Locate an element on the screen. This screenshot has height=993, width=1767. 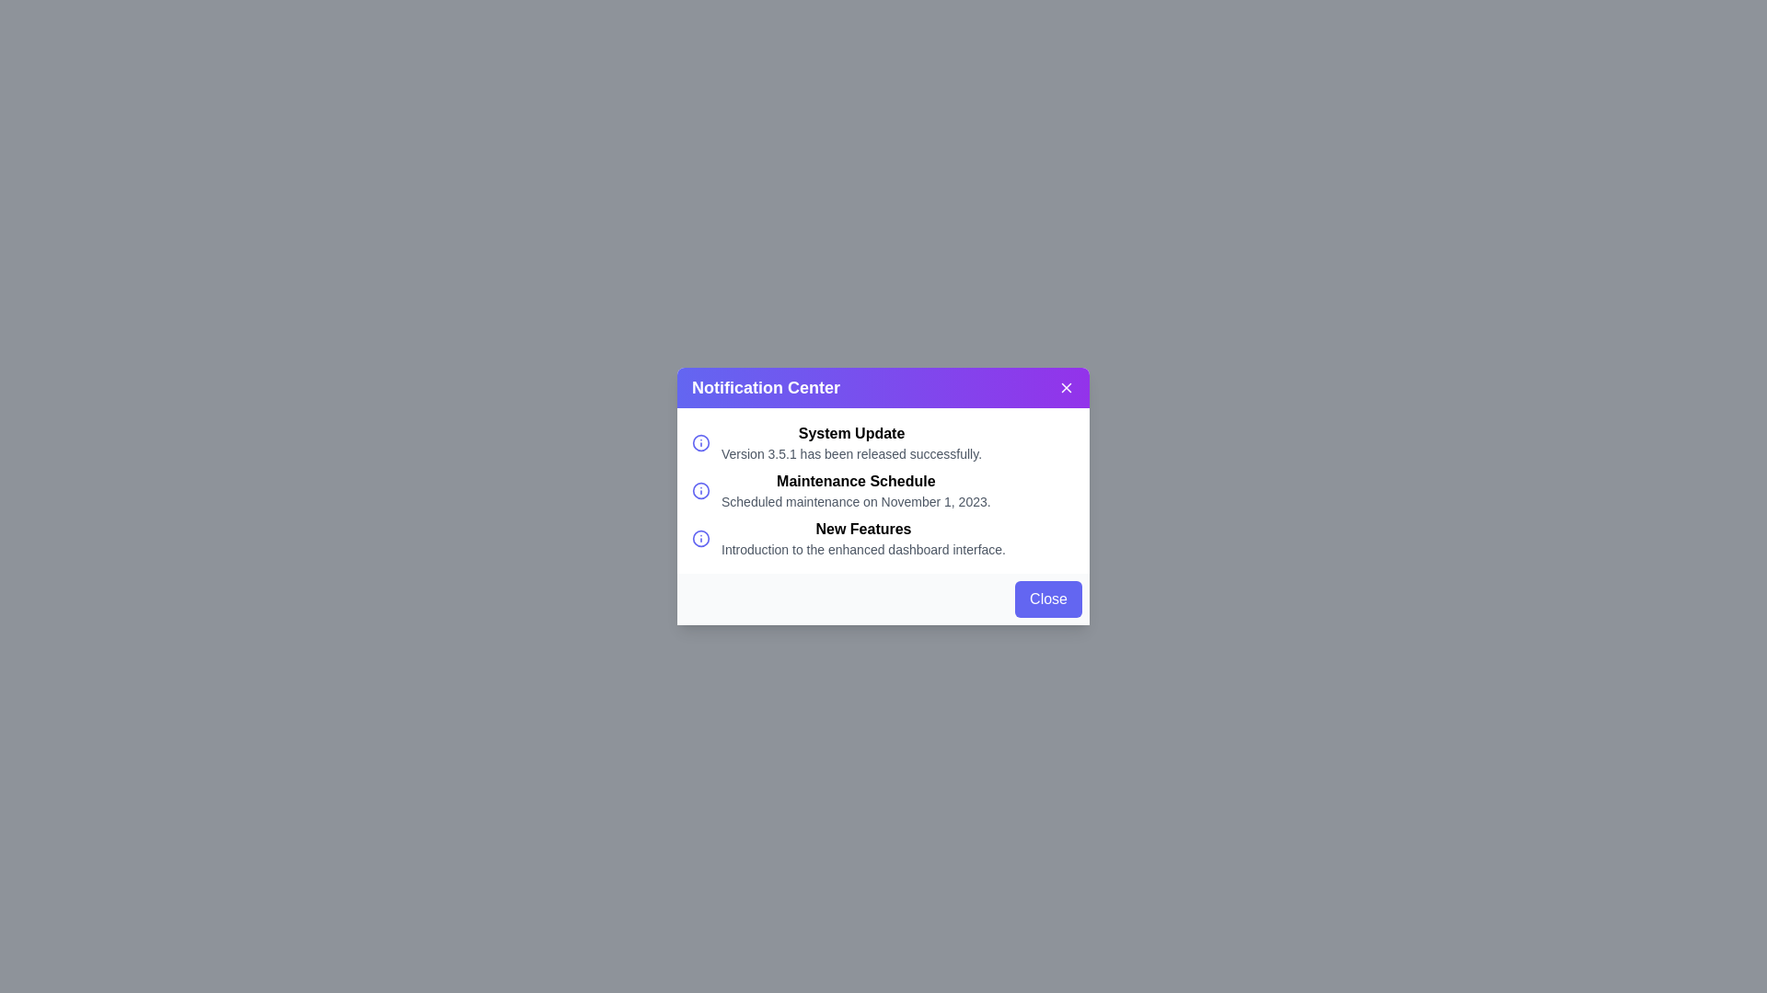
close button on the dialog header is located at coordinates (1066, 386).